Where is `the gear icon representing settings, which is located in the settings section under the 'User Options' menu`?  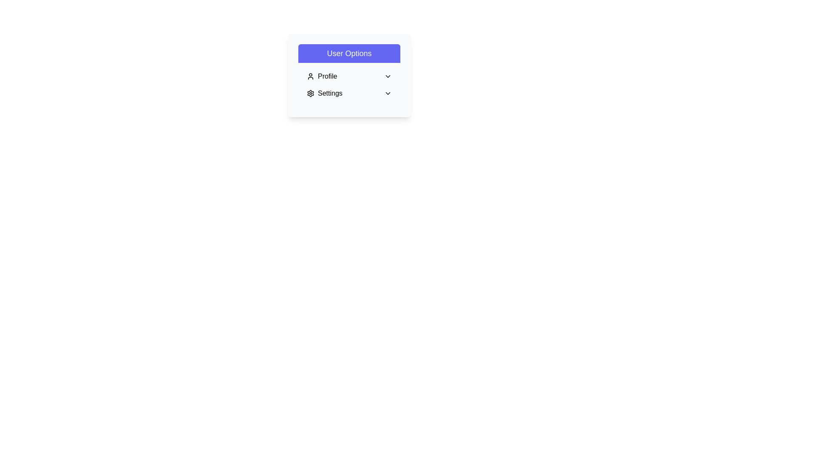
the gear icon representing settings, which is located in the settings section under the 'User Options' menu is located at coordinates (310, 93).